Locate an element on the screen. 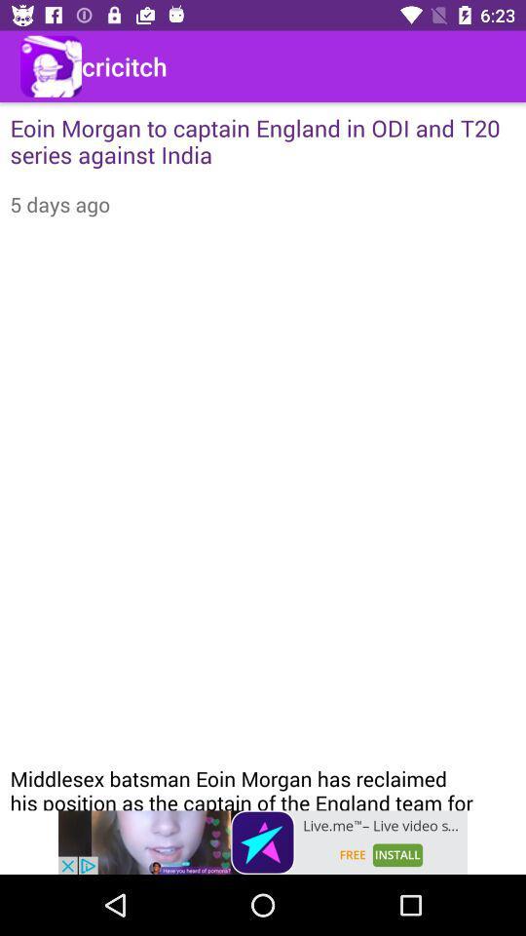 This screenshot has height=936, width=526. video apps is located at coordinates (263, 841).